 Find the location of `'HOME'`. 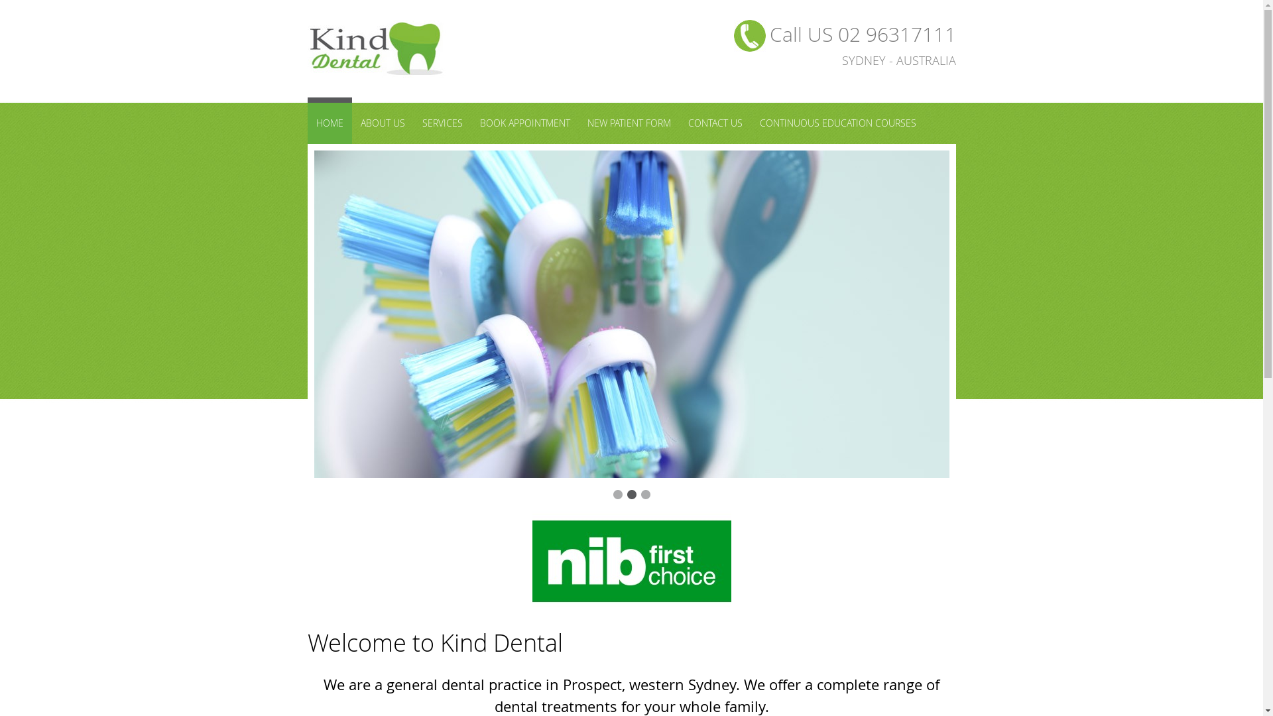

'HOME' is located at coordinates (330, 120).